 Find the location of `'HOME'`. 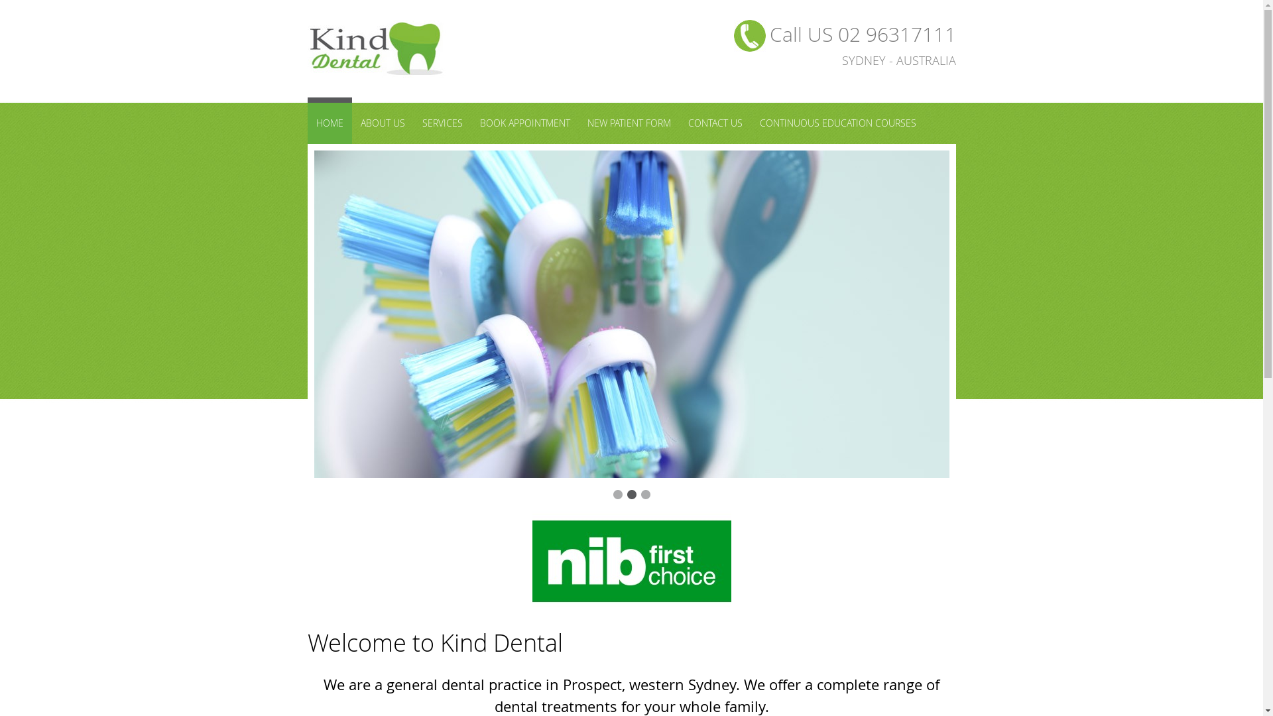

'HOME' is located at coordinates (330, 120).